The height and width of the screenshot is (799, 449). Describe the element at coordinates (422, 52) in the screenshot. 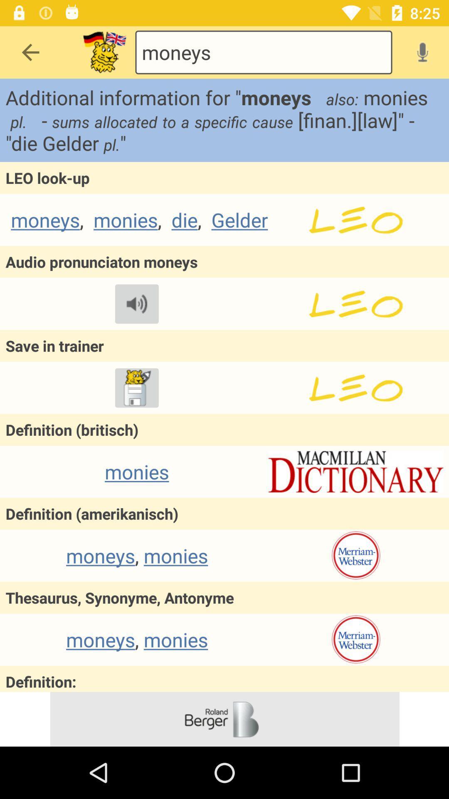

I see `voice search option` at that location.